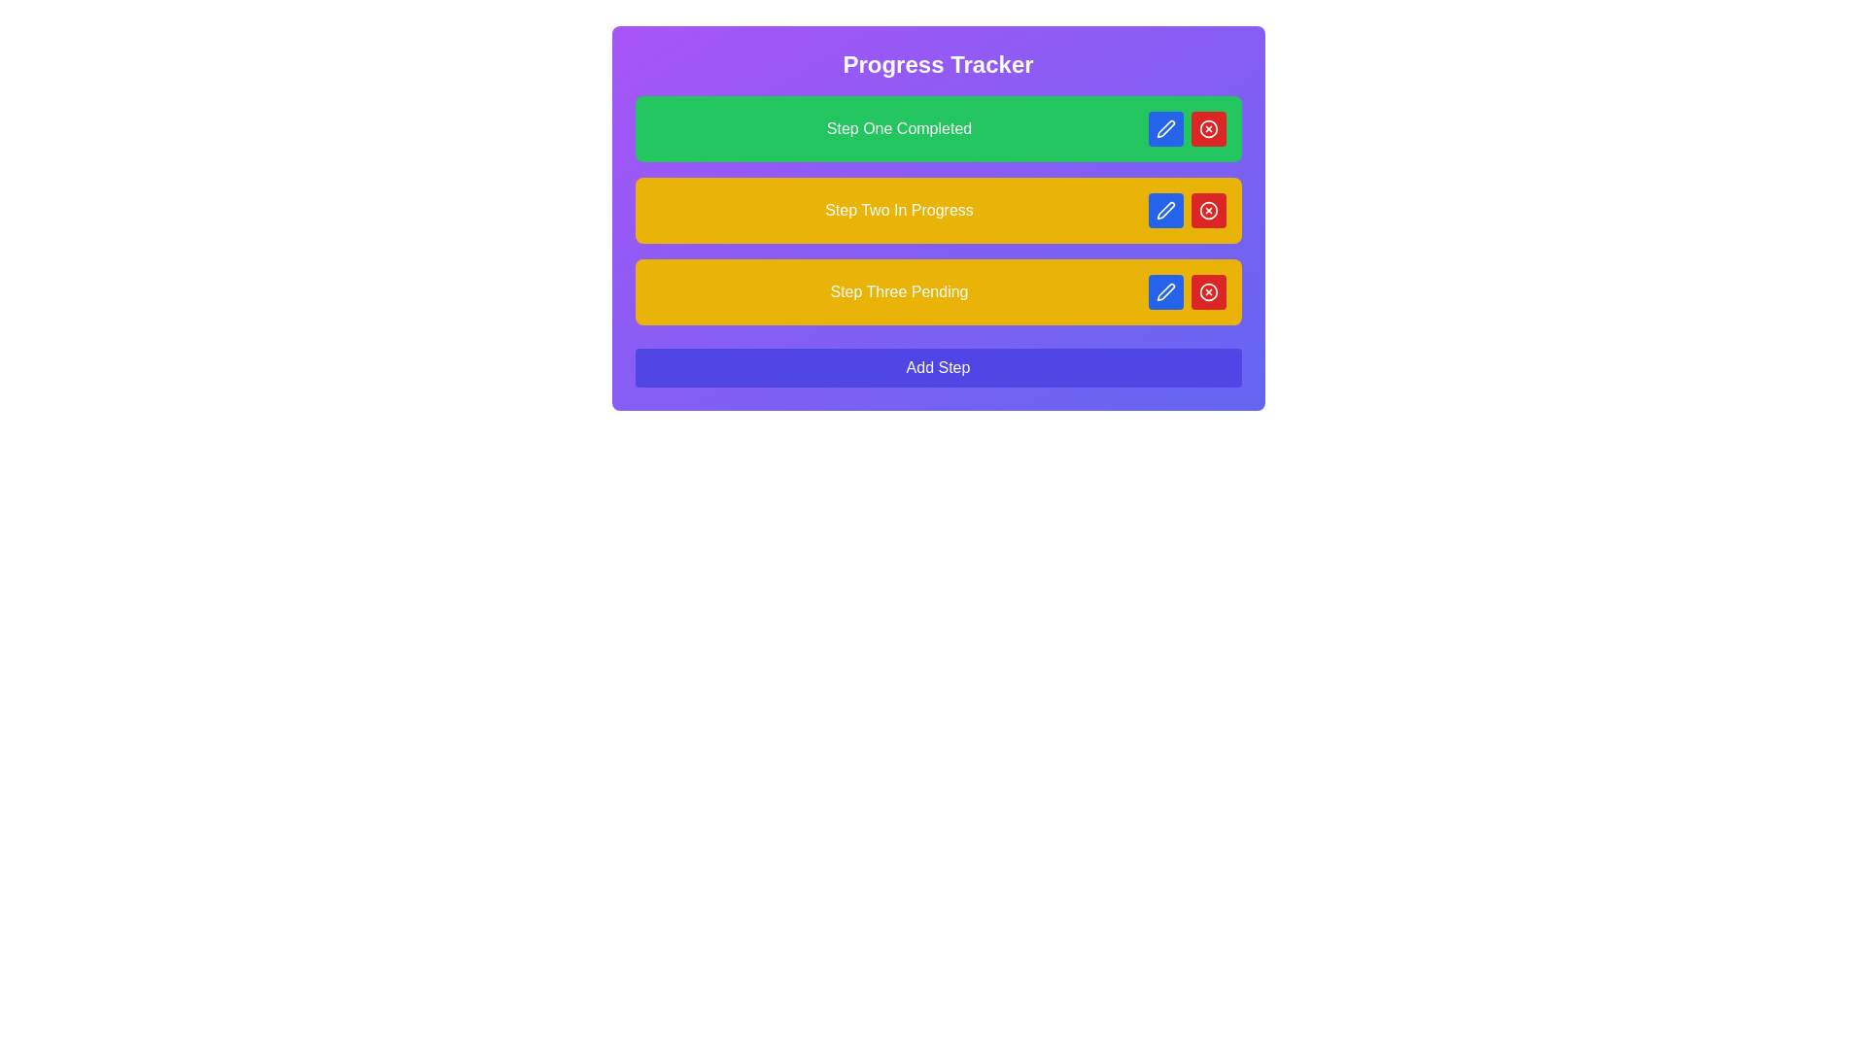 The height and width of the screenshot is (1049, 1866). Describe the element at coordinates (1207, 291) in the screenshot. I see `the far-right button with an 'X' symbol in the green section labeled 'Step One Completed'` at that location.